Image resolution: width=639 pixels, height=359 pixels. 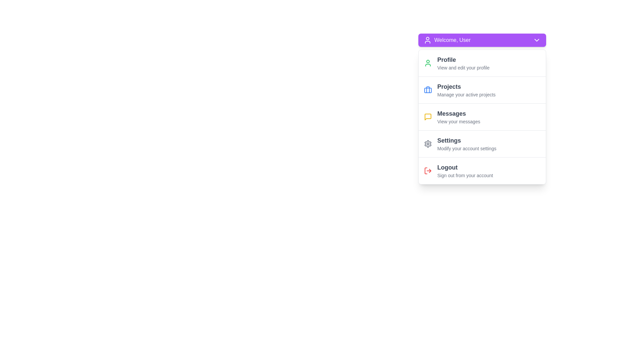 What do you see at coordinates (465, 175) in the screenshot?
I see `auxiliary descriptive text located directly below the 'Logout' label in the dropdown menu panel at the upper right corner of the interface` at bounding box center [465, 175].